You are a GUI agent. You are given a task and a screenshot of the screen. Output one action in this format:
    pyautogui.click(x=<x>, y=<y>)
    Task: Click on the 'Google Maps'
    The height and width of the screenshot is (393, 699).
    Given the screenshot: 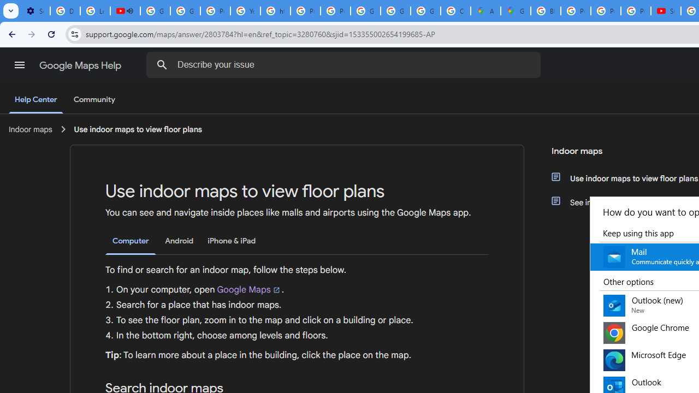 What is the action you would take?
    pyautogui.click(x=248, y=289)
    